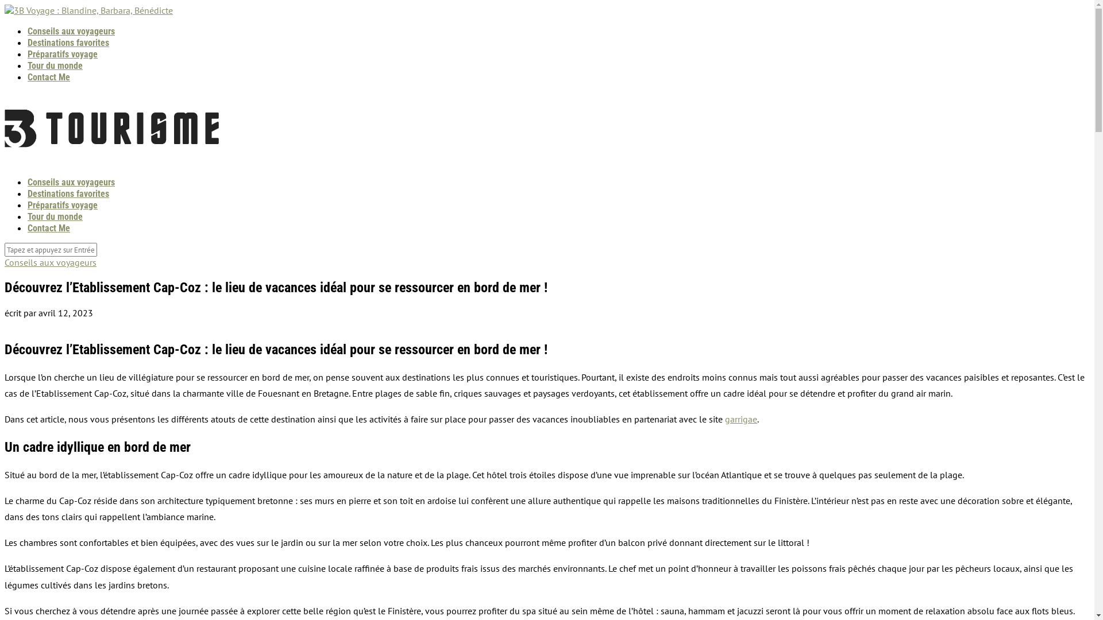  What do you see at coordinates (55, 216) in the screenshot?
I see `'Tour du monde'` at bounding box center [55, 216].